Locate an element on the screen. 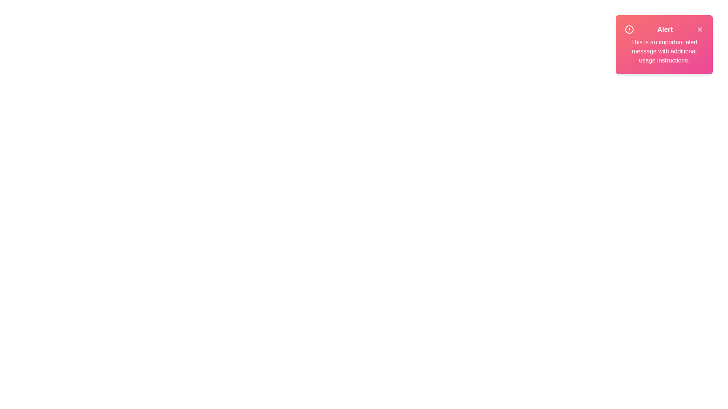 The height and width of the screenshot is (409, 728). the close button of the alert is located at coordinates (699, 29).